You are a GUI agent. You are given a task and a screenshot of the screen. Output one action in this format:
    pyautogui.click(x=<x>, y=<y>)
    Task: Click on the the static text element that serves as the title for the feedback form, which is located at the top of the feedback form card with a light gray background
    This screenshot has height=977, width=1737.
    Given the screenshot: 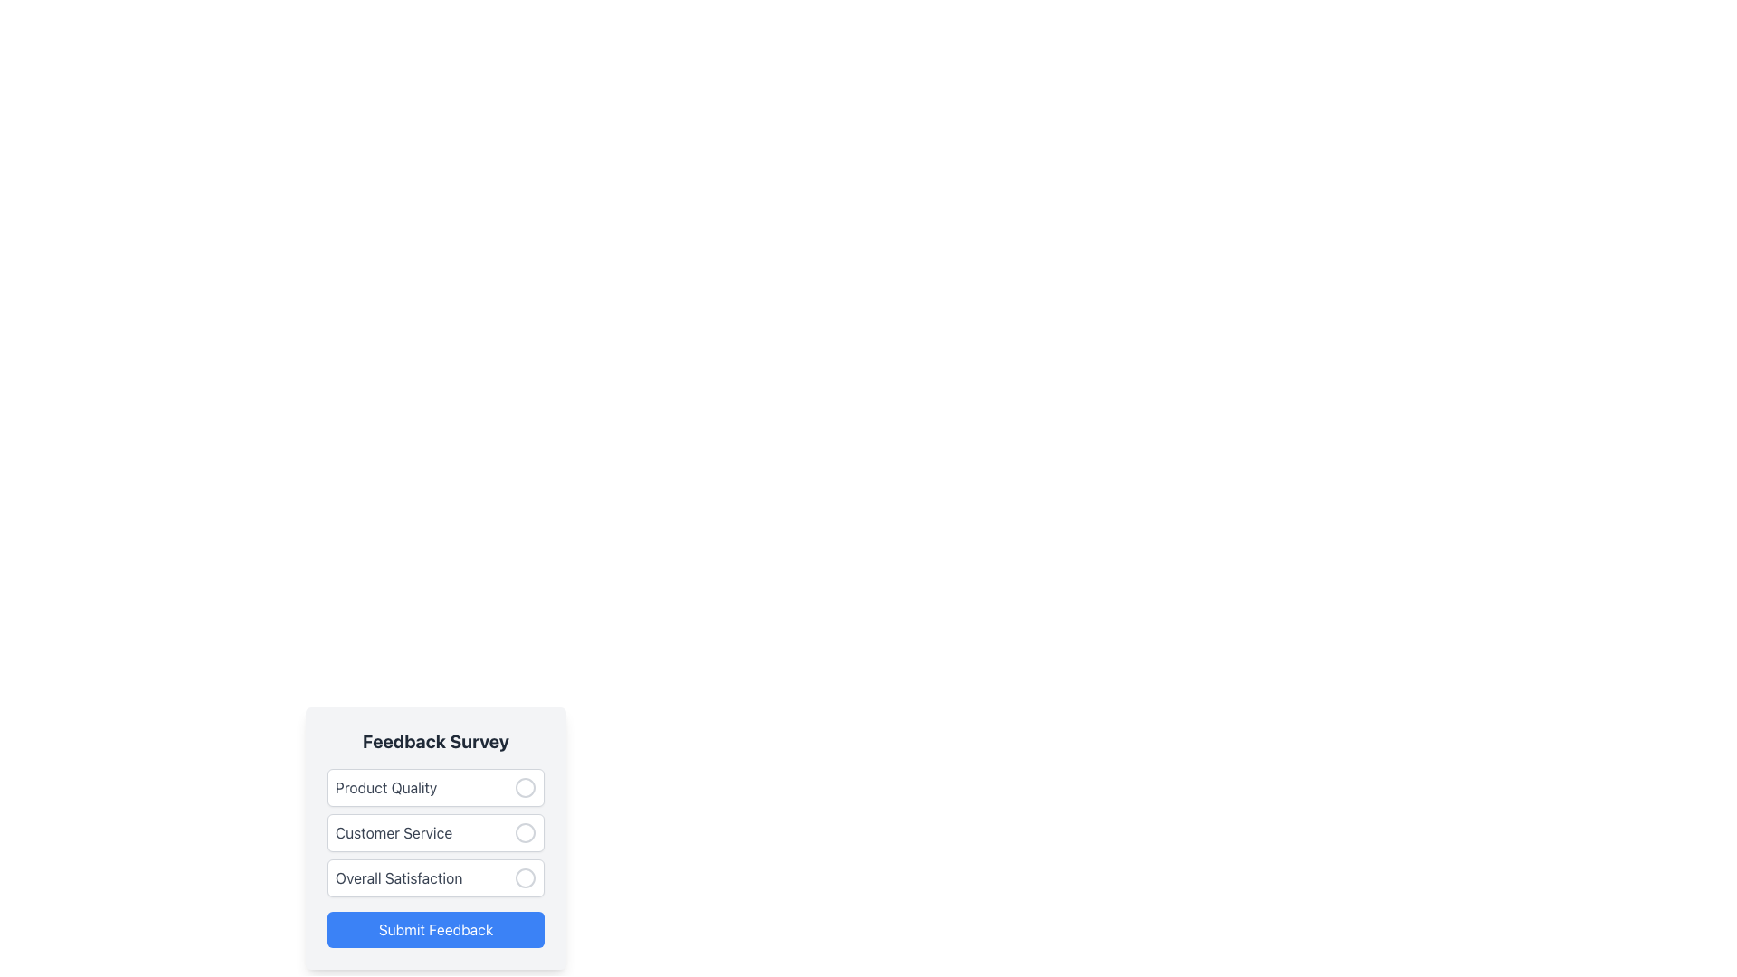 What is the action you would take?
    pyautogui.click(x=435, y=742)
    